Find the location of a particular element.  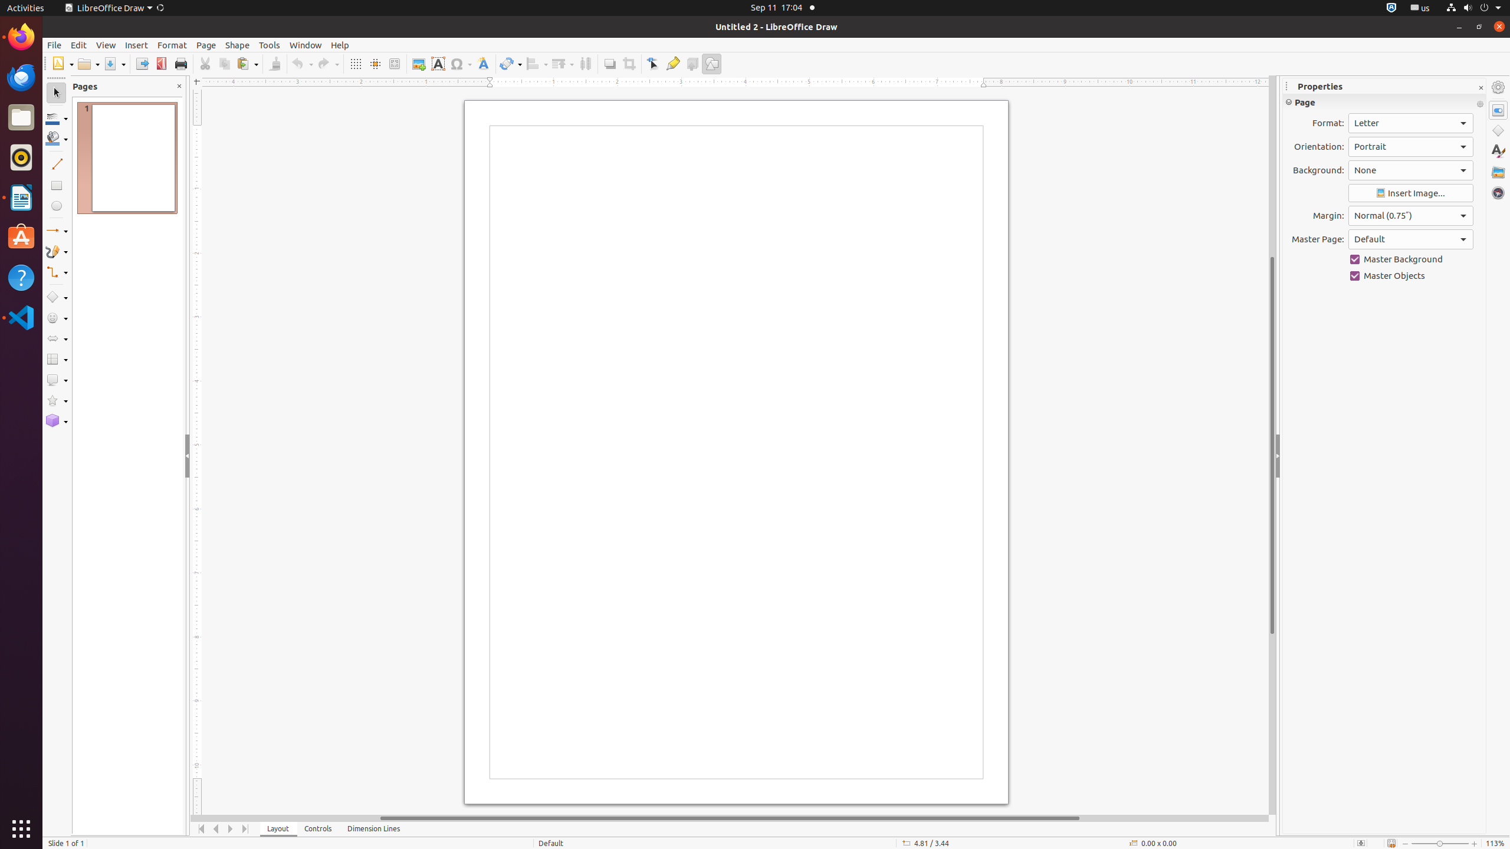

'Master Background' is located at coordinates (1411, 259).